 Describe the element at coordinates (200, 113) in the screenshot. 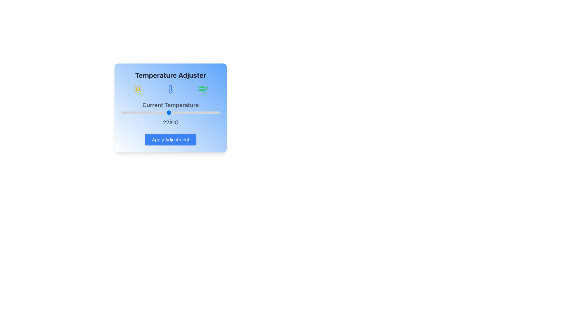

I see `temperature` at that location.